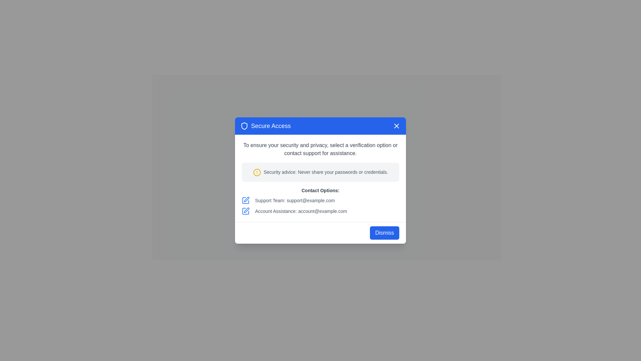 This screenshot has width=641, height=361. Describe the element at coordinates (397, 126) in the screenshot. I see `the small 'X' button located in the top-right corner of the blue header labeled 'Secure Access'` at that location.